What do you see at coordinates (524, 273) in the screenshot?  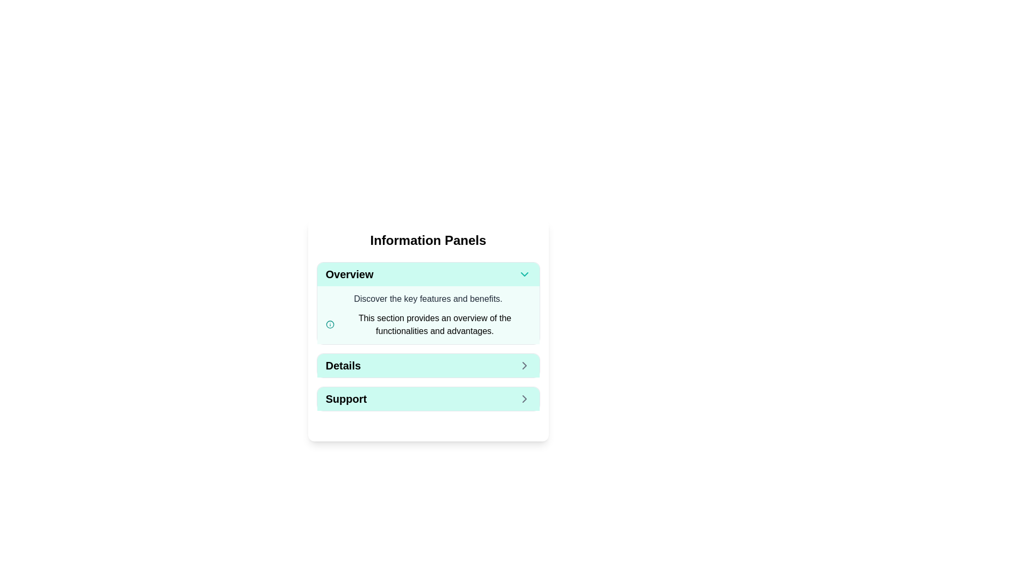 I see `the downward-facing teal chevron arrow located on the right side of the 'Overview' header bar for tooltip or animation` at bounding box center [524, 273].